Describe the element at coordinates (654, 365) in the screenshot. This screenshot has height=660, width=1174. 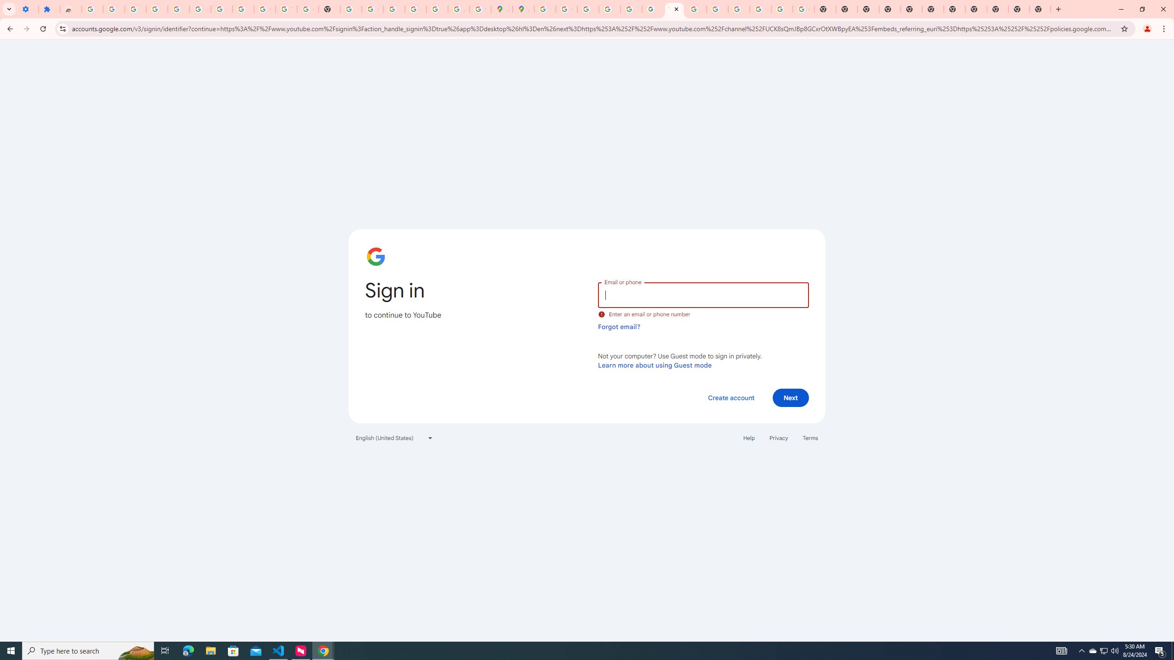
I see `'Learn more about using Guest mode'` at that location.